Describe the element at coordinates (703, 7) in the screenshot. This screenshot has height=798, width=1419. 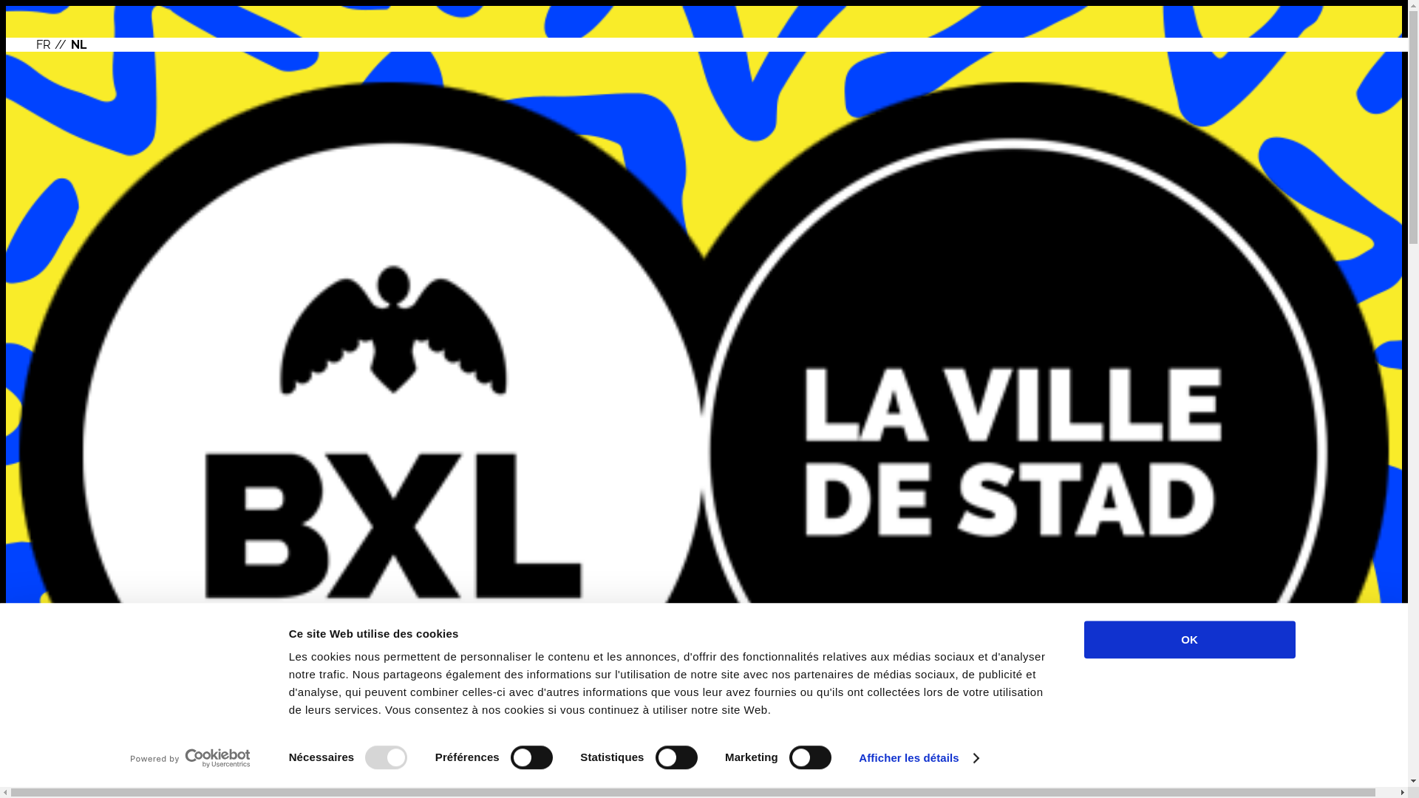
I see `'Overslaan en naar de inhoud gaan'` at that location.